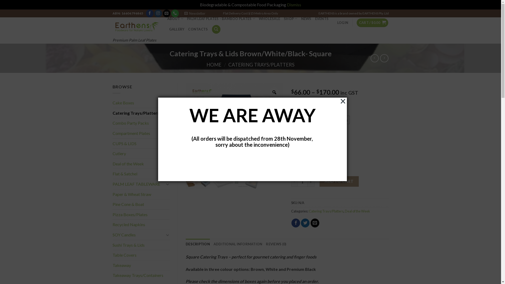 The height and width of the screenshot is (284, 505). I want to click on 'HOME', so click(214, 64).